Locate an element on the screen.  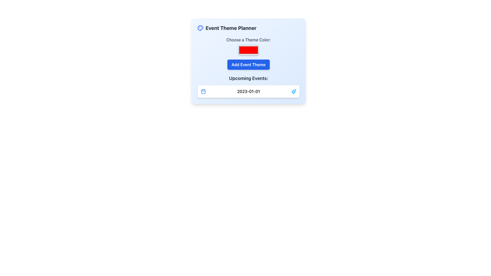
the upcoming events section text label, which serves as a heading indicating the context for the content below it is located at coordinates (248, 78).